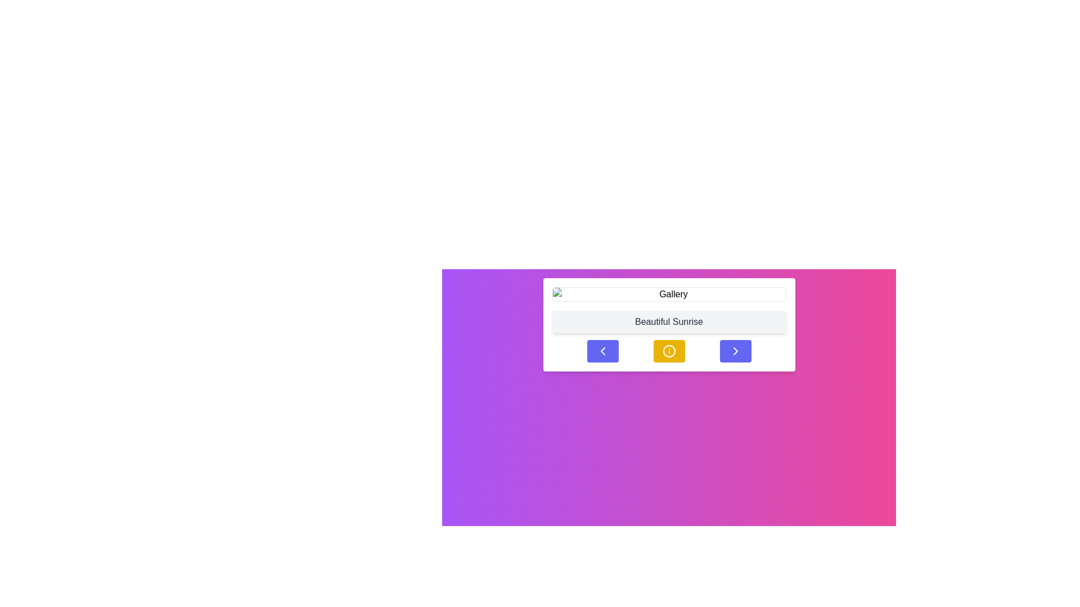 The image size is (1080, 607). I want to click on the 'Gallery' image placeholder icon, which is styled with rounded corners and a bordered layout, located at the topmost position adjacent to the title 'Beautiful Sunrise', so click(669, 294).